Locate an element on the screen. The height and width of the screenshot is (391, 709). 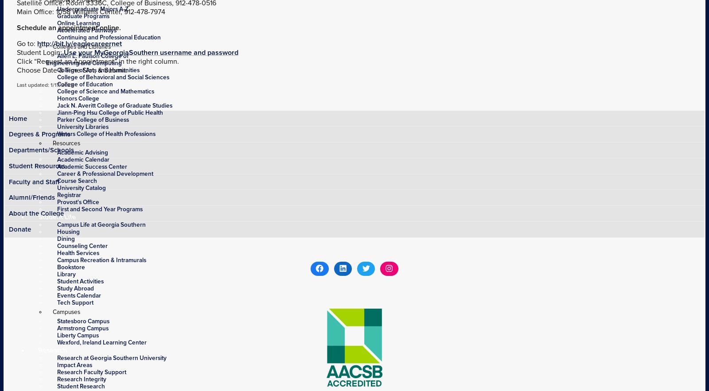
'Jack N. Averitt College of Graduate Studies' is located at coordinates (115, 105).